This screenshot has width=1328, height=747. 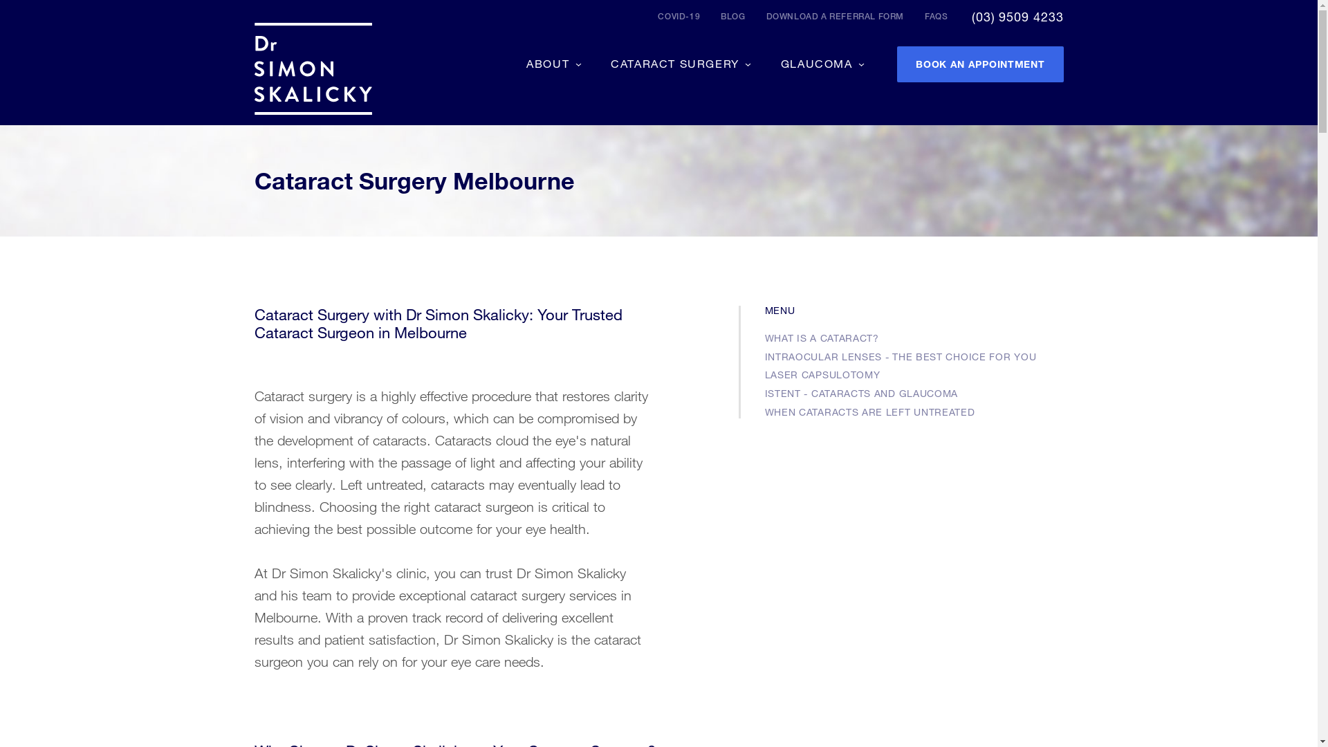 I want to click on 'LASER CAPSULOTOMY', so click(x=822, y=374).